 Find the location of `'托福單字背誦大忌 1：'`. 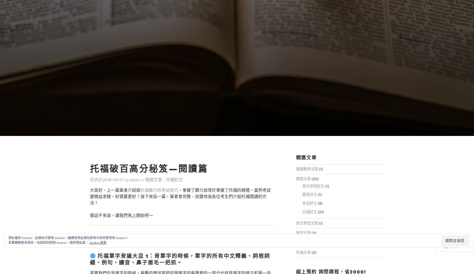

'托福單字背誦大忌 1：' is located at coordinates (125, 245).